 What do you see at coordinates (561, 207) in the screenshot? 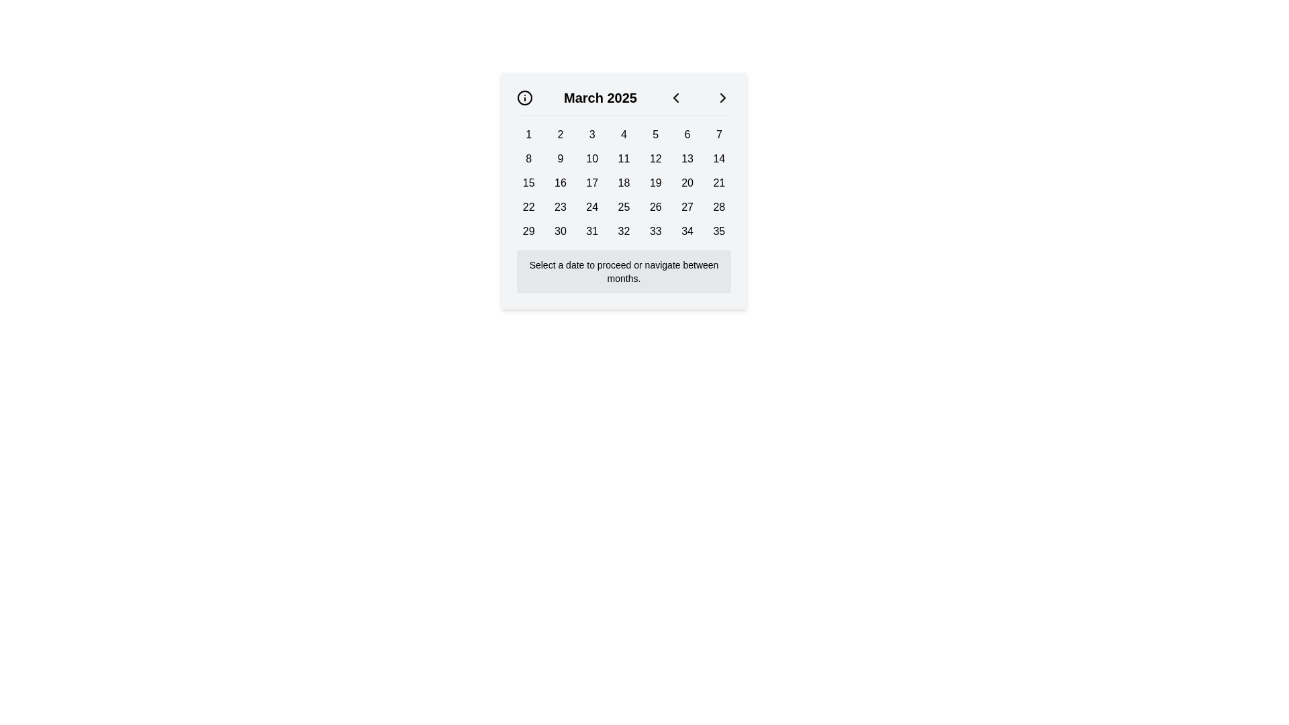
I see `the button representing the date 23rd in the calendar interface` at bounding box center [561, 207].